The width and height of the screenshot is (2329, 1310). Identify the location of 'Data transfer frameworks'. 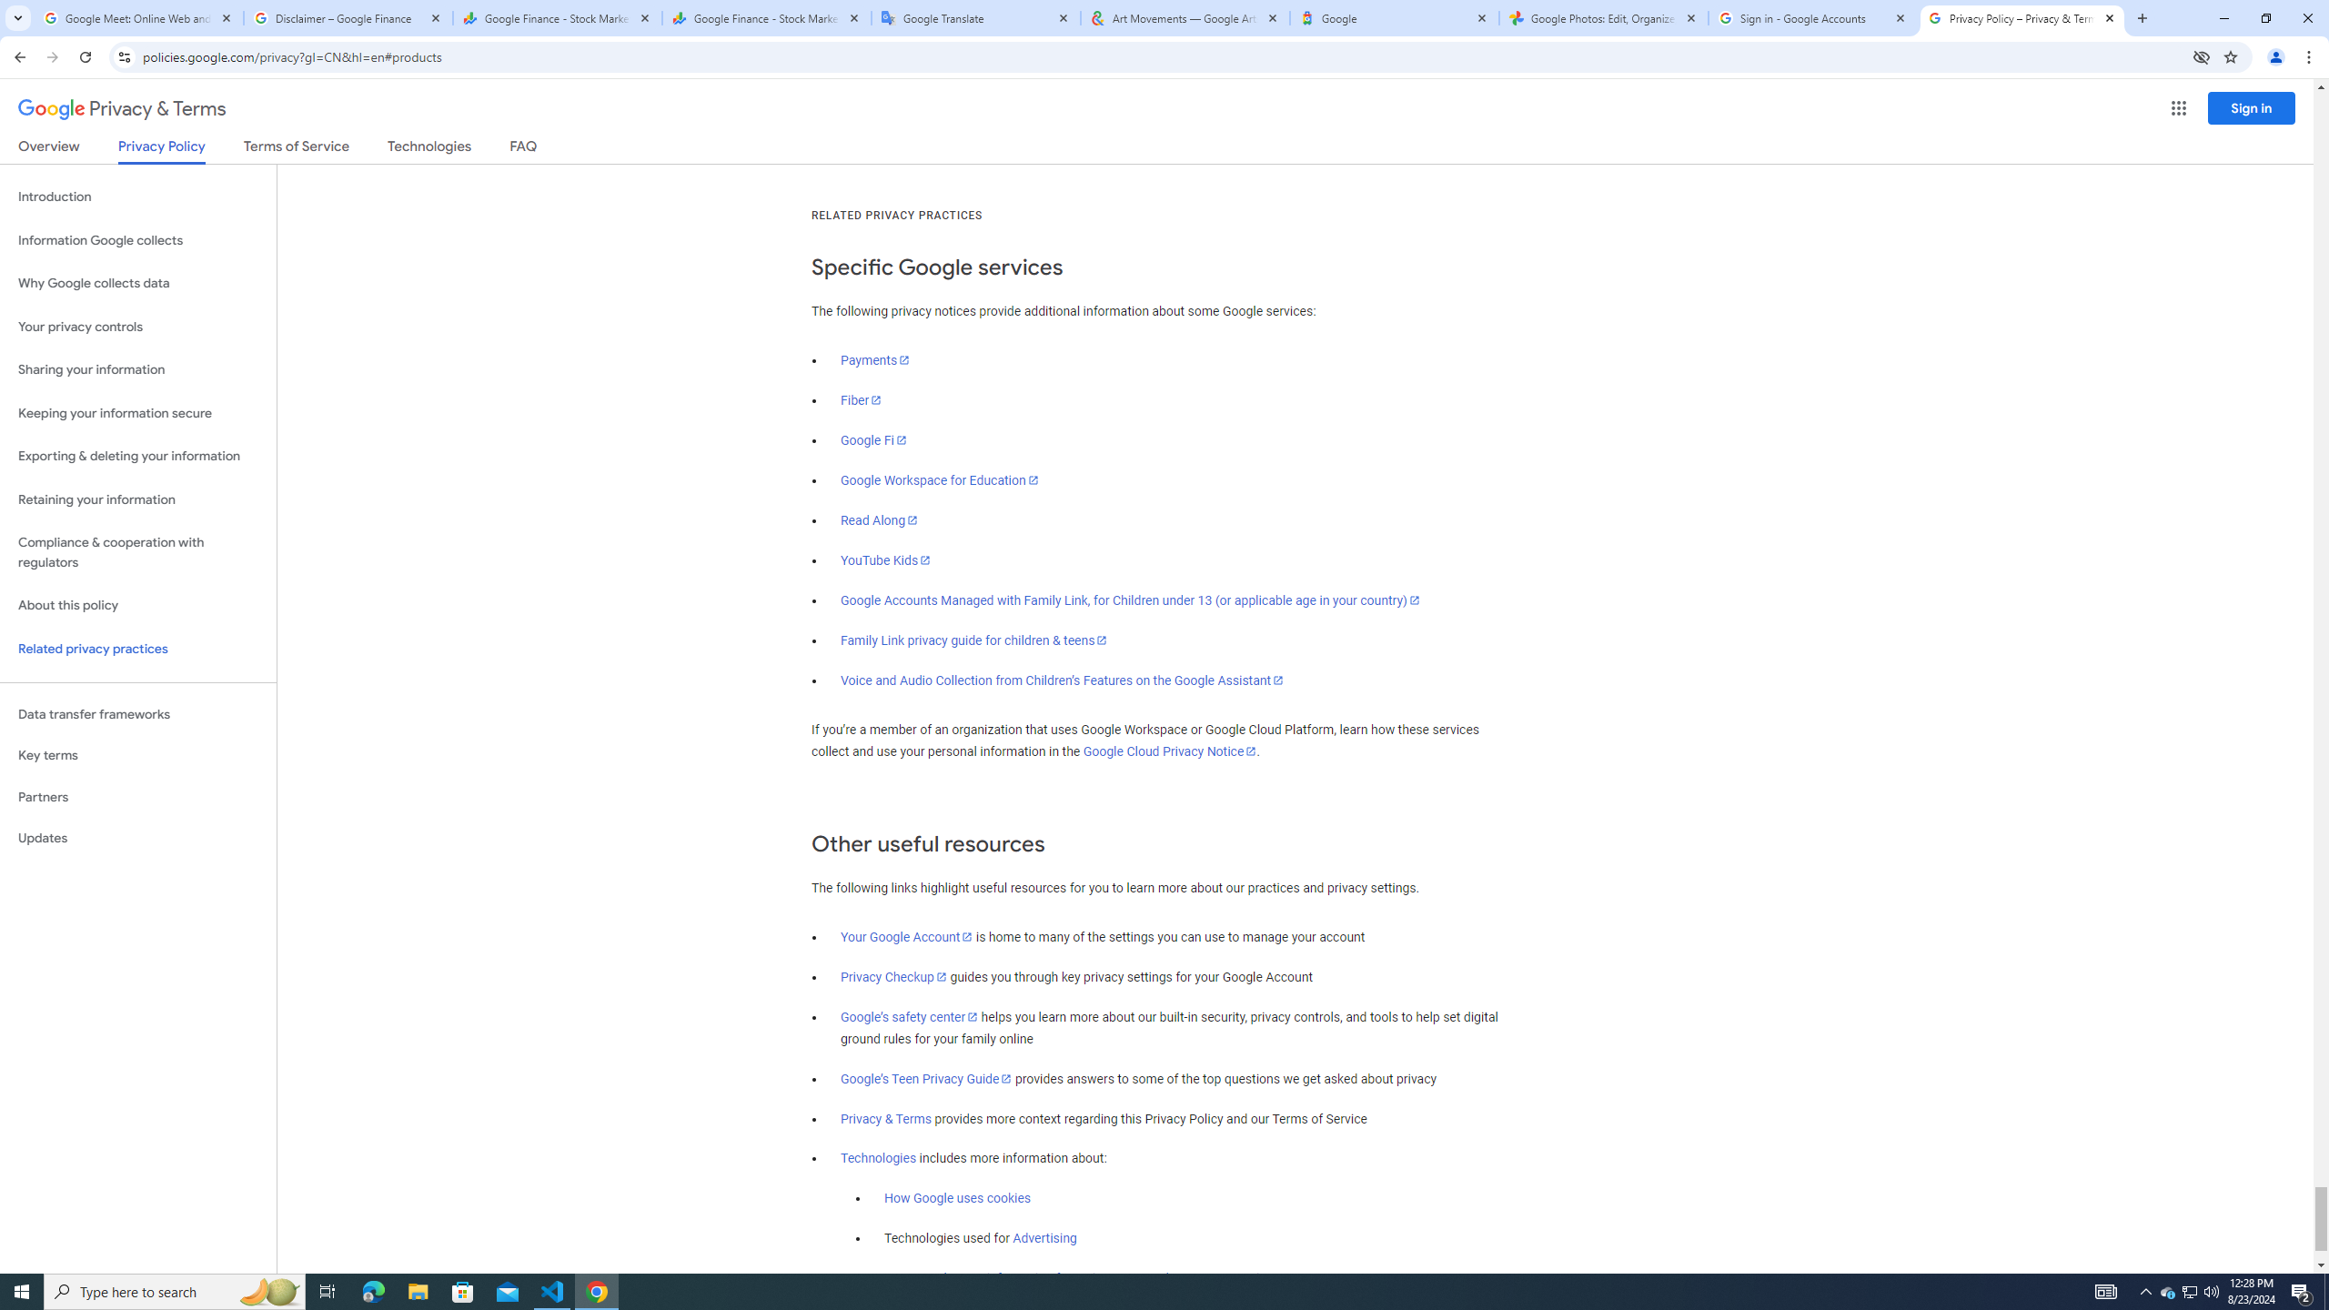
(137, 714).